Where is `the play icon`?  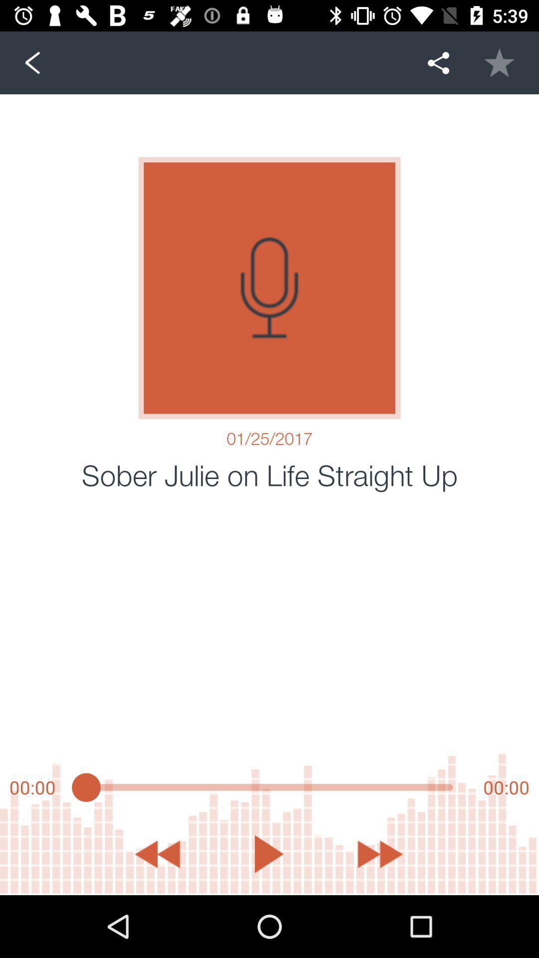 the play icon is located at coordinates (269, 854).